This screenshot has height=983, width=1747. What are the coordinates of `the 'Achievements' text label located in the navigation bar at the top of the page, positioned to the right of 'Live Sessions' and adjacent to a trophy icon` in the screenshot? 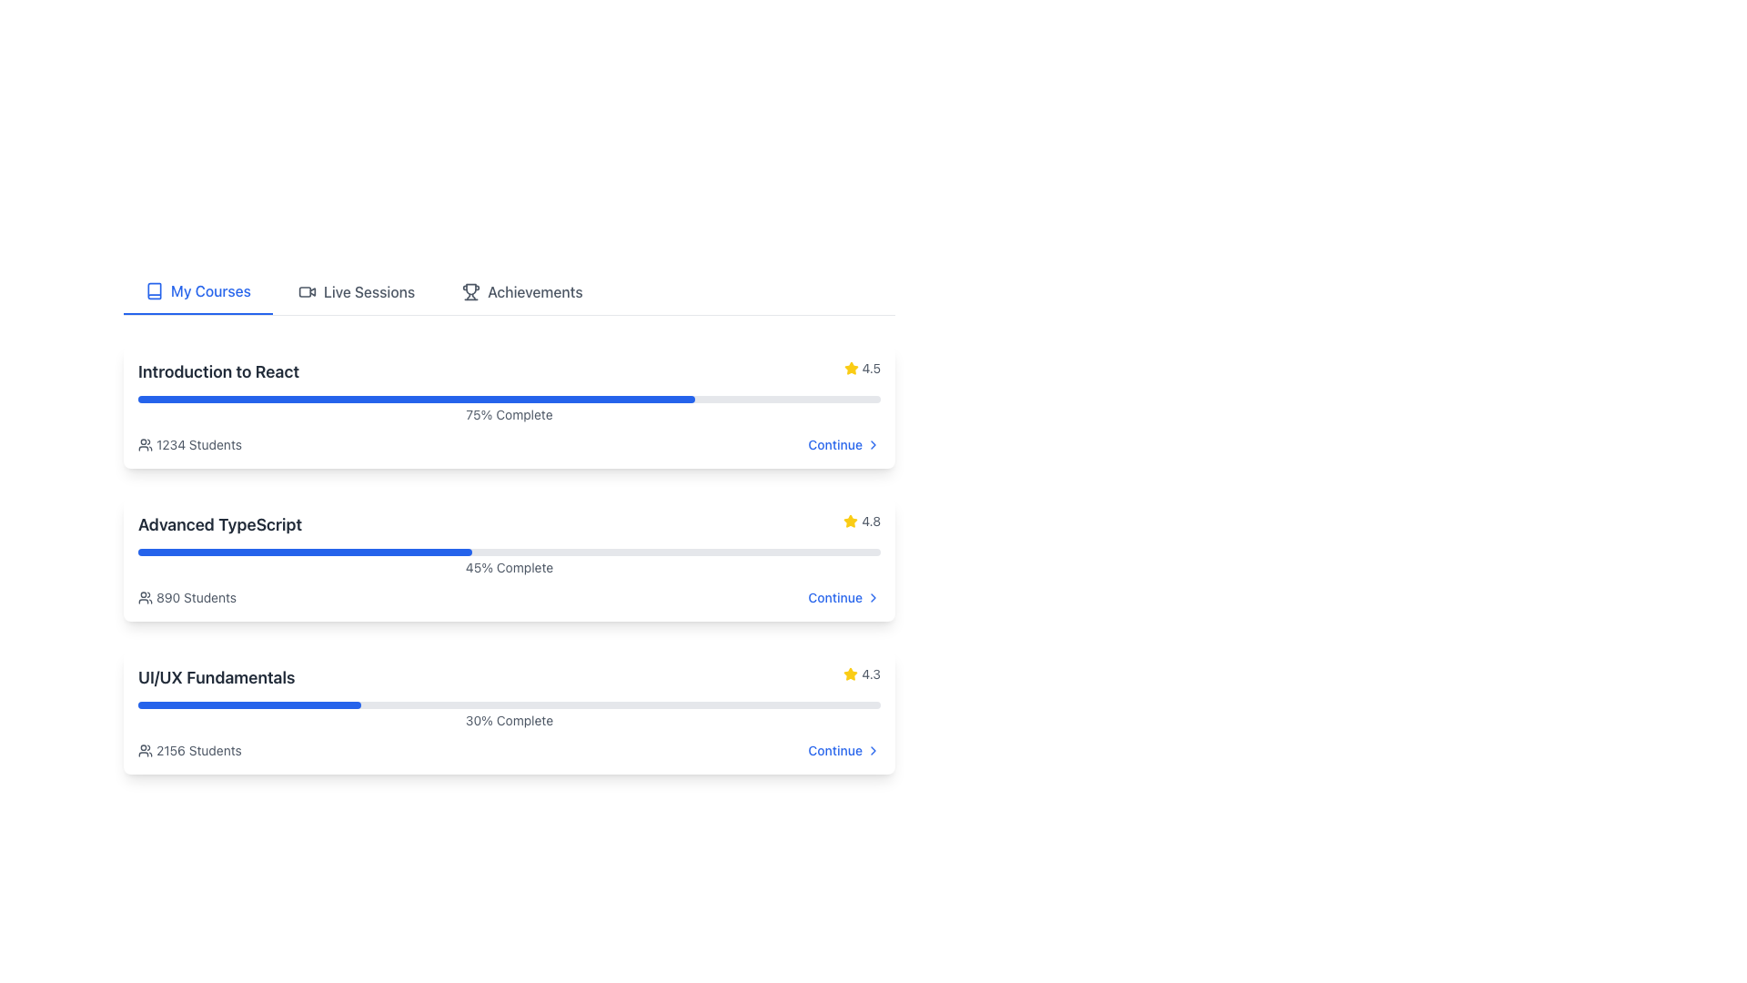 It's located at (534, 290).